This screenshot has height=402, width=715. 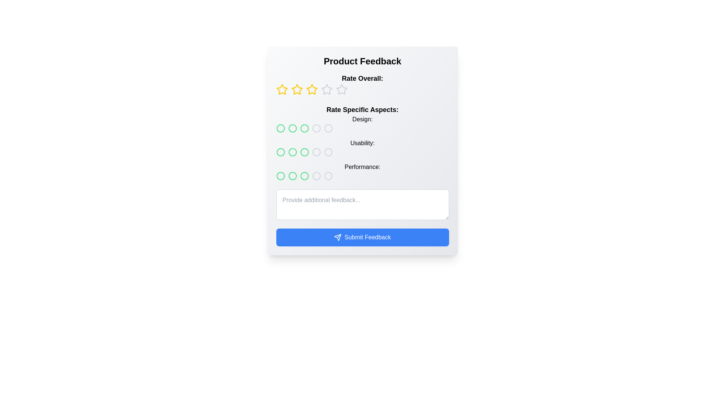 What do you see at coordinates (362, 142) in the screenshot?
I see `one of the circular rating buttons in the rating system located below the 'Rate Overall' section and above the additional feedback text area` at bounding box center [362, 142].